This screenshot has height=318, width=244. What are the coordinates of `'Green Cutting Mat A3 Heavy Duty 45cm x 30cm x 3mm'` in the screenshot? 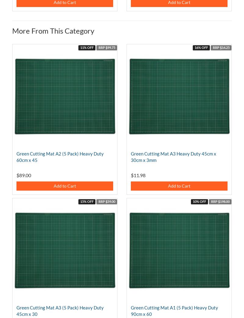 It's located at (173, 156).